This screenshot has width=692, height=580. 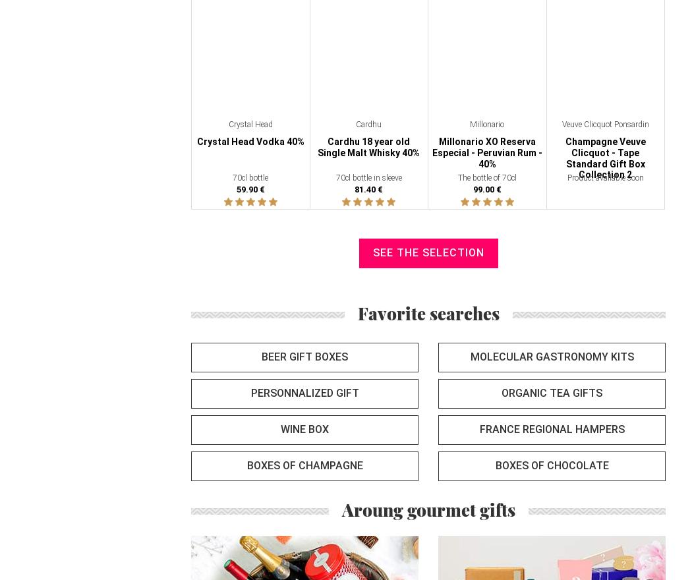 I want to click on 'Crystal Head Vodka 40%', so click(x=250, y=141).